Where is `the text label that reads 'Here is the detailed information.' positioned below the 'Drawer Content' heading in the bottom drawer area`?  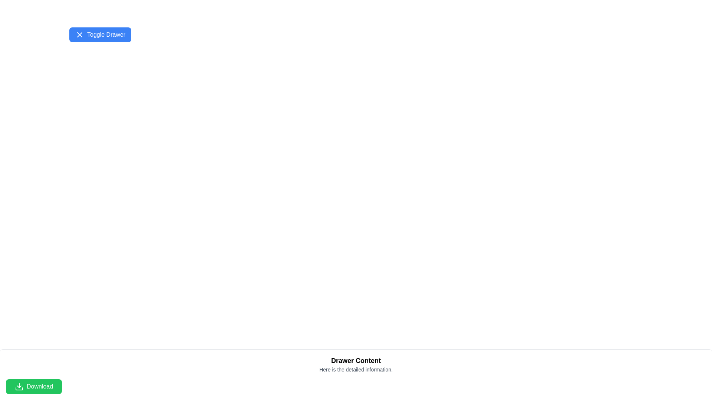
the text label that reads 'Here is the detailed information.' positioned below the 'Drawer Content' heading in the bottom drawer area is located at coordinates (356, 370).